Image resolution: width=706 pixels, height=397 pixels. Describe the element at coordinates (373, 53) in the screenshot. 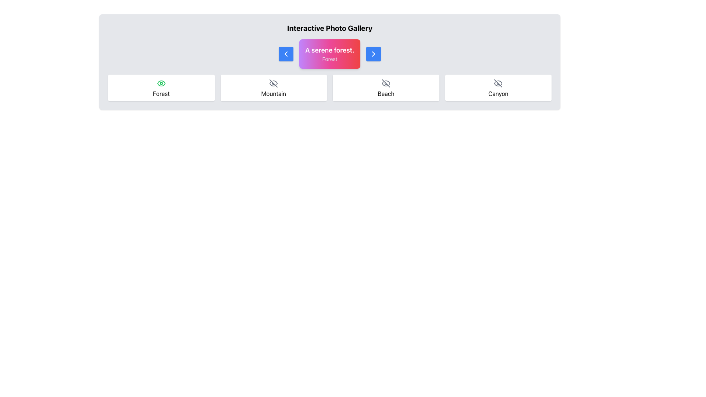

I see `the Right Chevron icon in the interactive photo gallery` at that location.